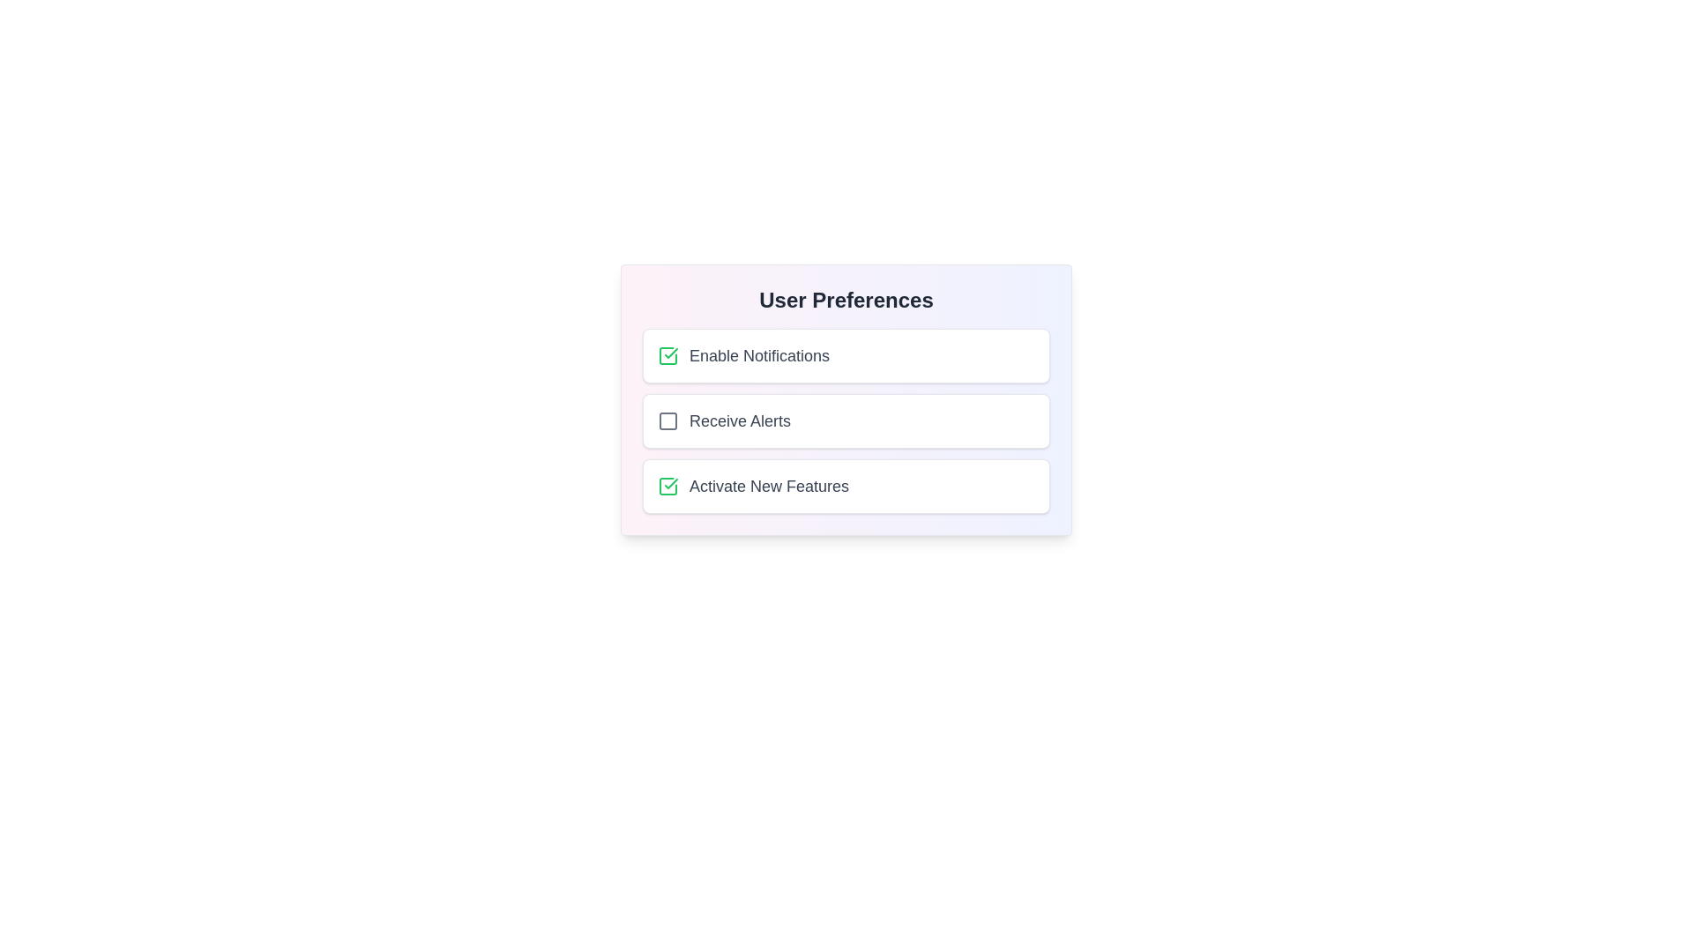 Image resolution: width=1693 pixels, height=952 pixels. What do you see at coordinates (846, 299) in the screenshot?
I see `the main heading text element labeled 'User Preferences'` at bounding box center [846, 299].